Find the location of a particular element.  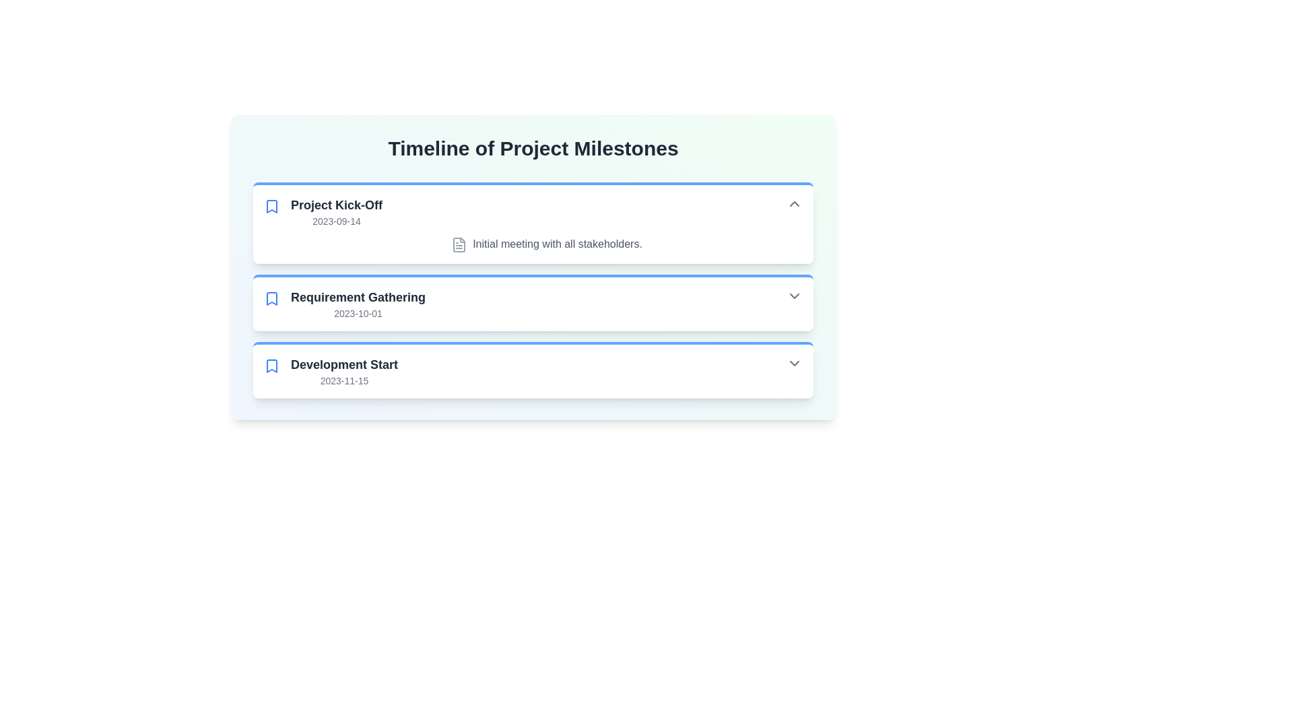

the card displaying 'Requirement Gathering' in the 'Timeline of Project Milestones' section is located at coordinates (533, 301).